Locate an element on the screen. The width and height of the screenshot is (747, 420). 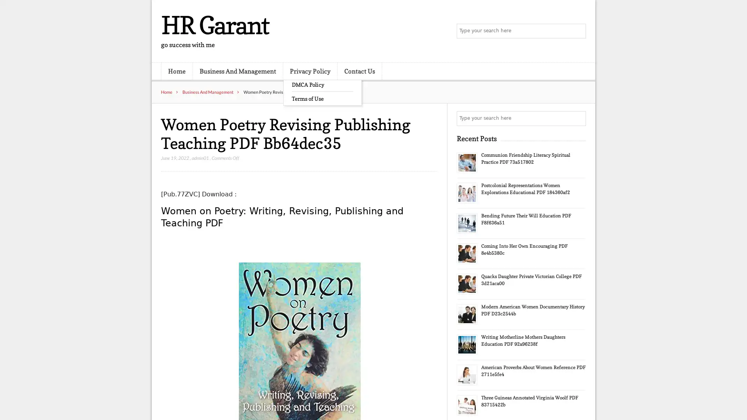
Search is located at coordinates (578, 31).